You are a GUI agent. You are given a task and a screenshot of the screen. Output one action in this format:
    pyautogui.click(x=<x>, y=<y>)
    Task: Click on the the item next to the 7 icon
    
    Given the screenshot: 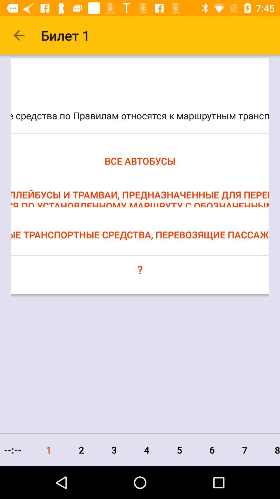 What is the action you would take?
    pyautogui.click(x=270, y=450)
    